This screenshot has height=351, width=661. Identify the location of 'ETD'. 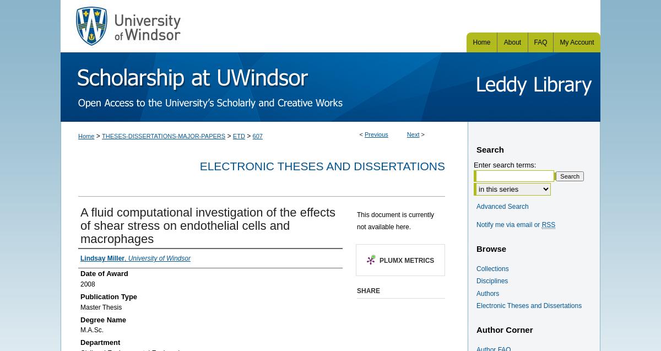
(238, 136).